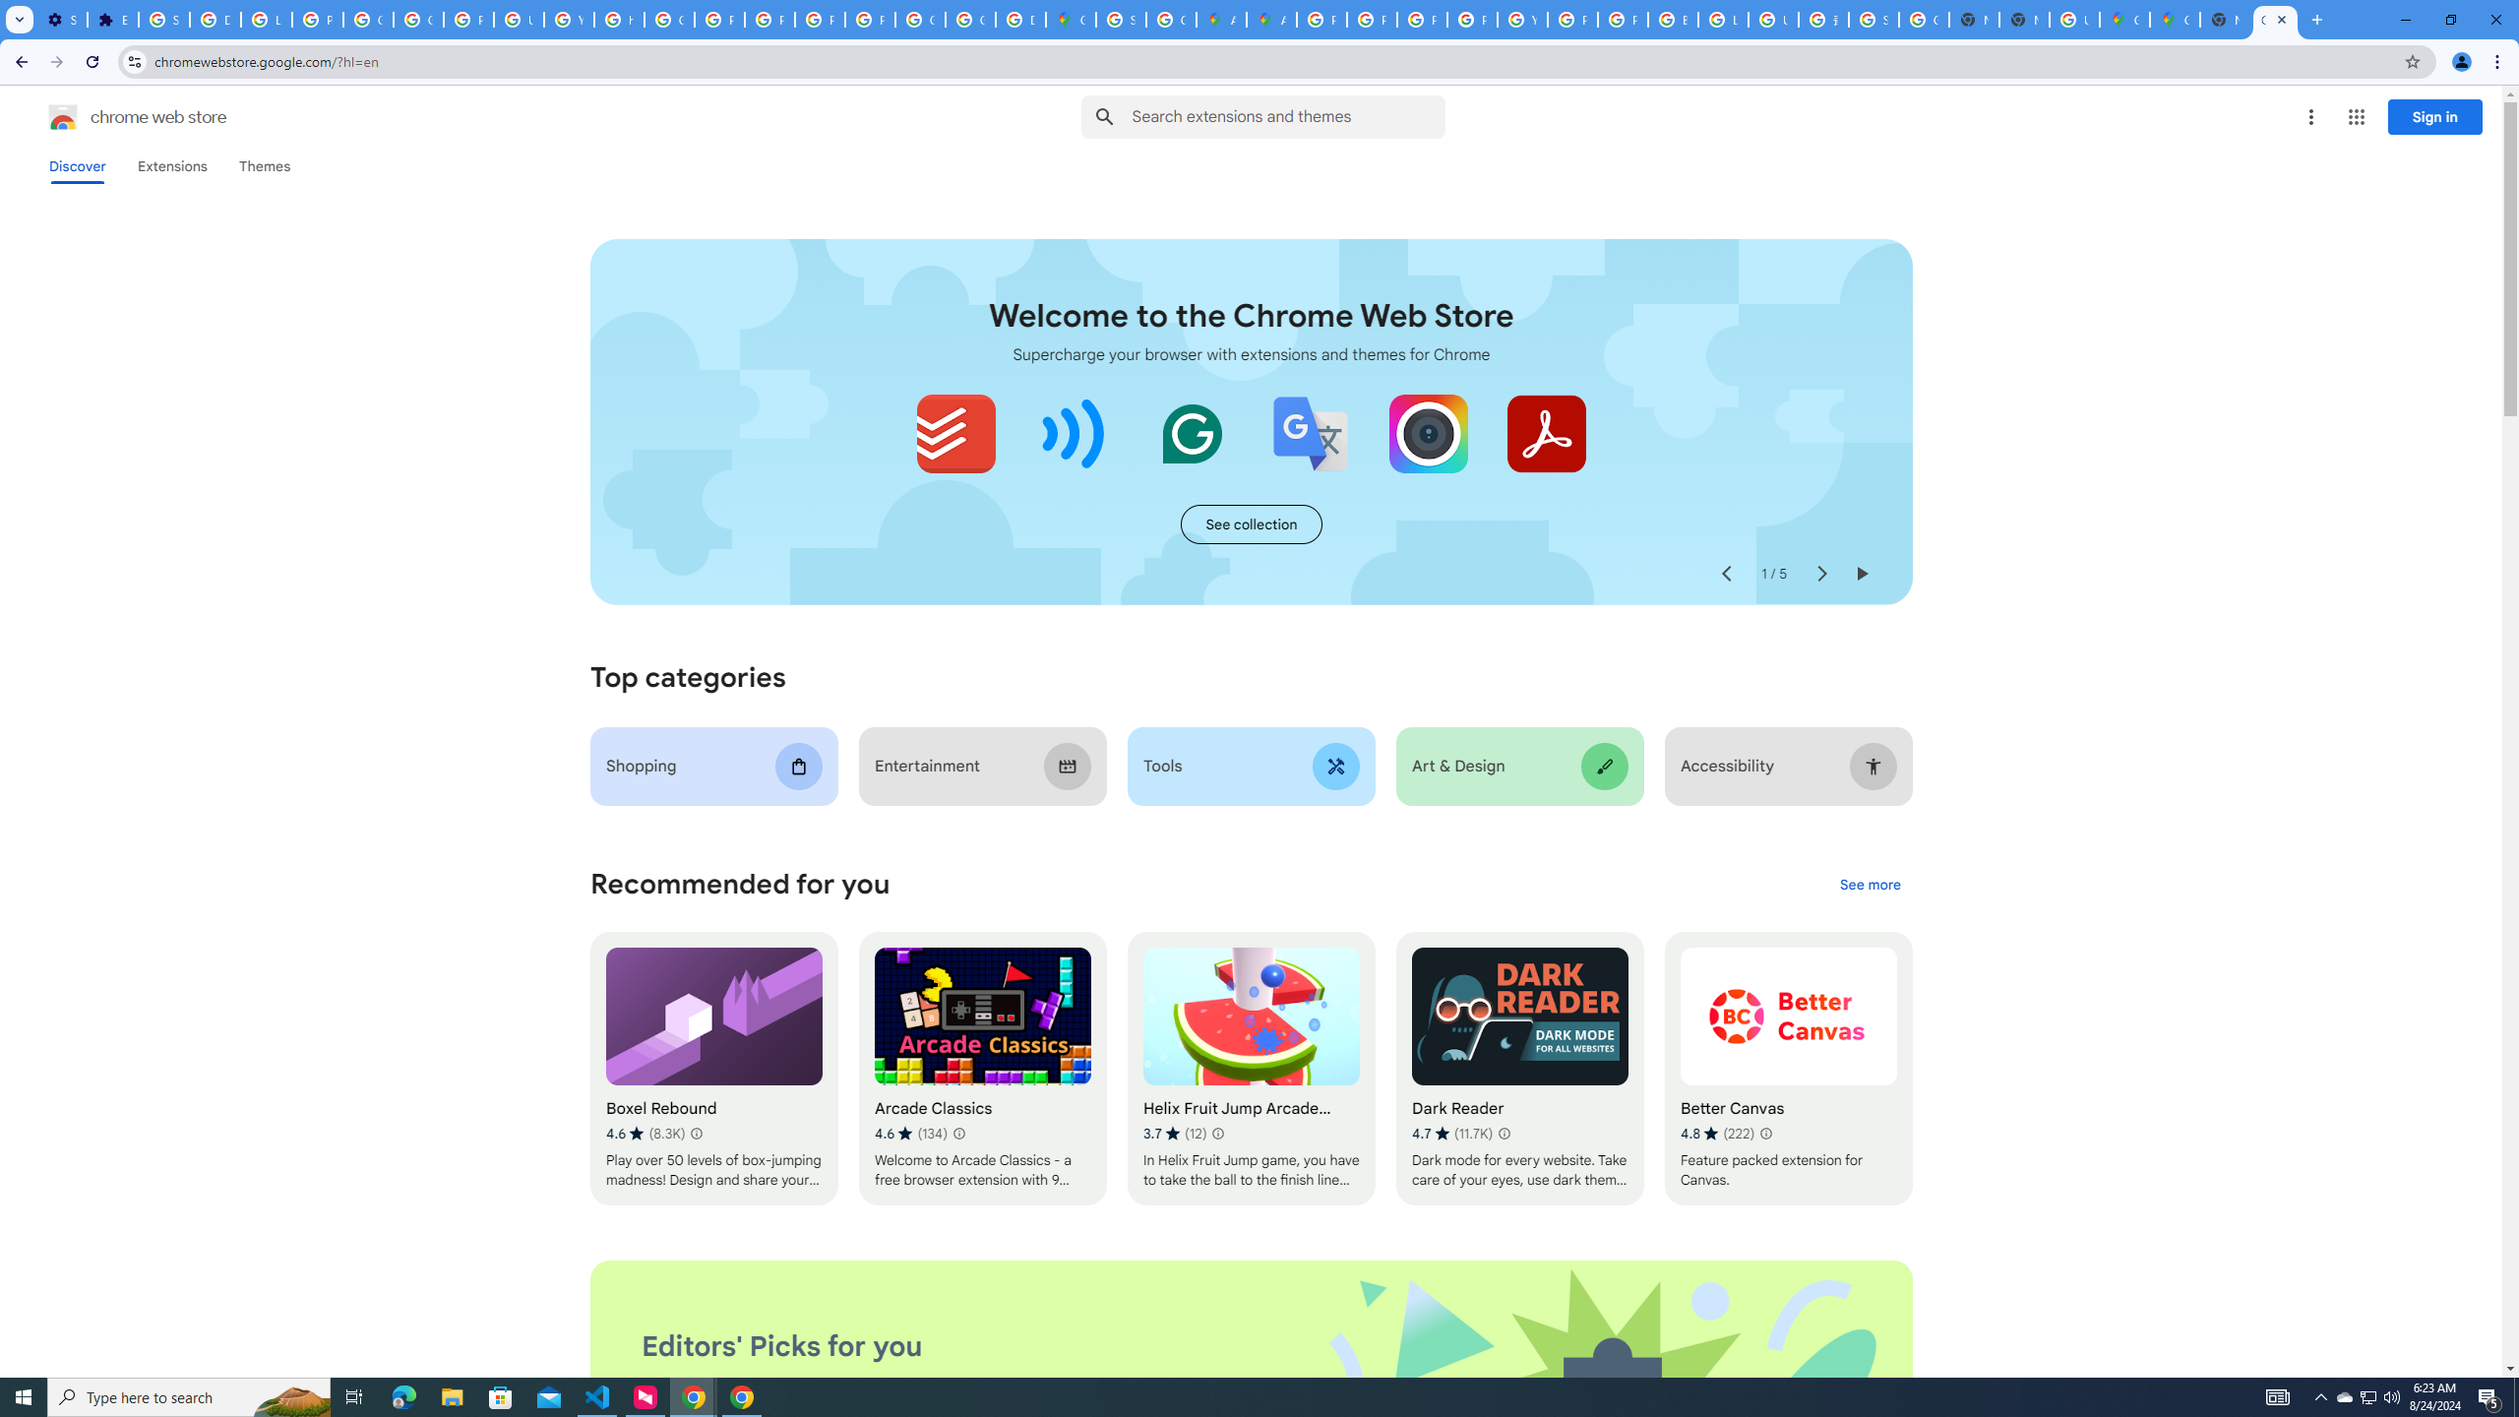 The width and height of the screenshot is (2519, 1417). What do you see at coordinates (1820, 573) in the screenshot?
I see `'Next slide'` at bounding box center [1820, 573].